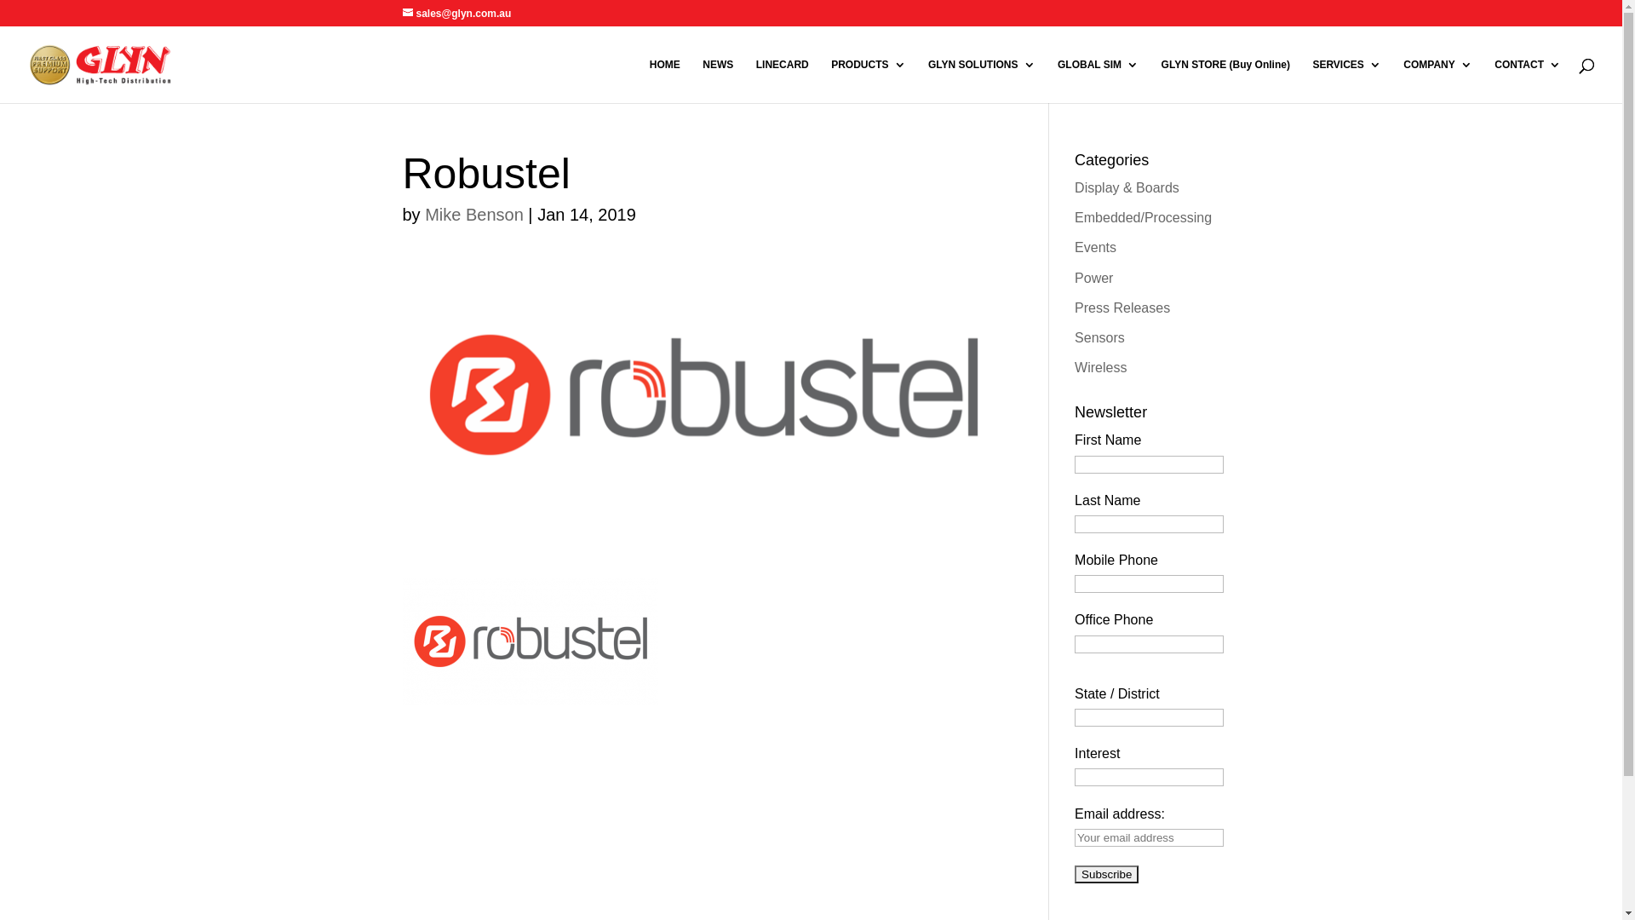 This screenshot has height=920, width=1635. What do you see at coordinates (926, 81) in the screenshot?
I see `'GLYN SOLUTIONS'` at bounding box center [926, 81].